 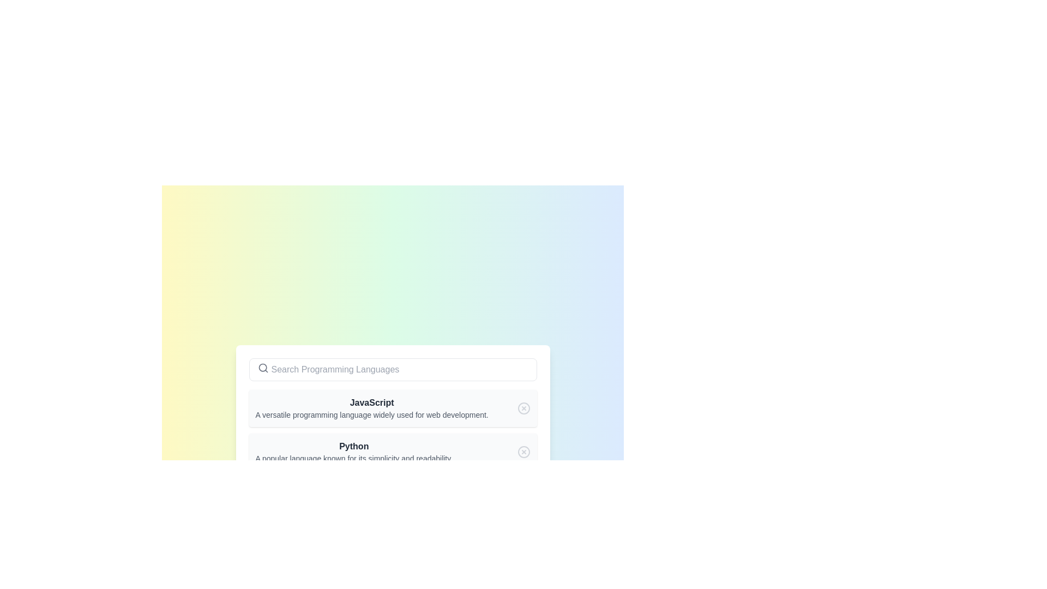 What do you see at coordinates (372, 408) in the screenshot?
I see `the text block that describes the programming language 'JavaScript'` at bounding box center [372, 408].